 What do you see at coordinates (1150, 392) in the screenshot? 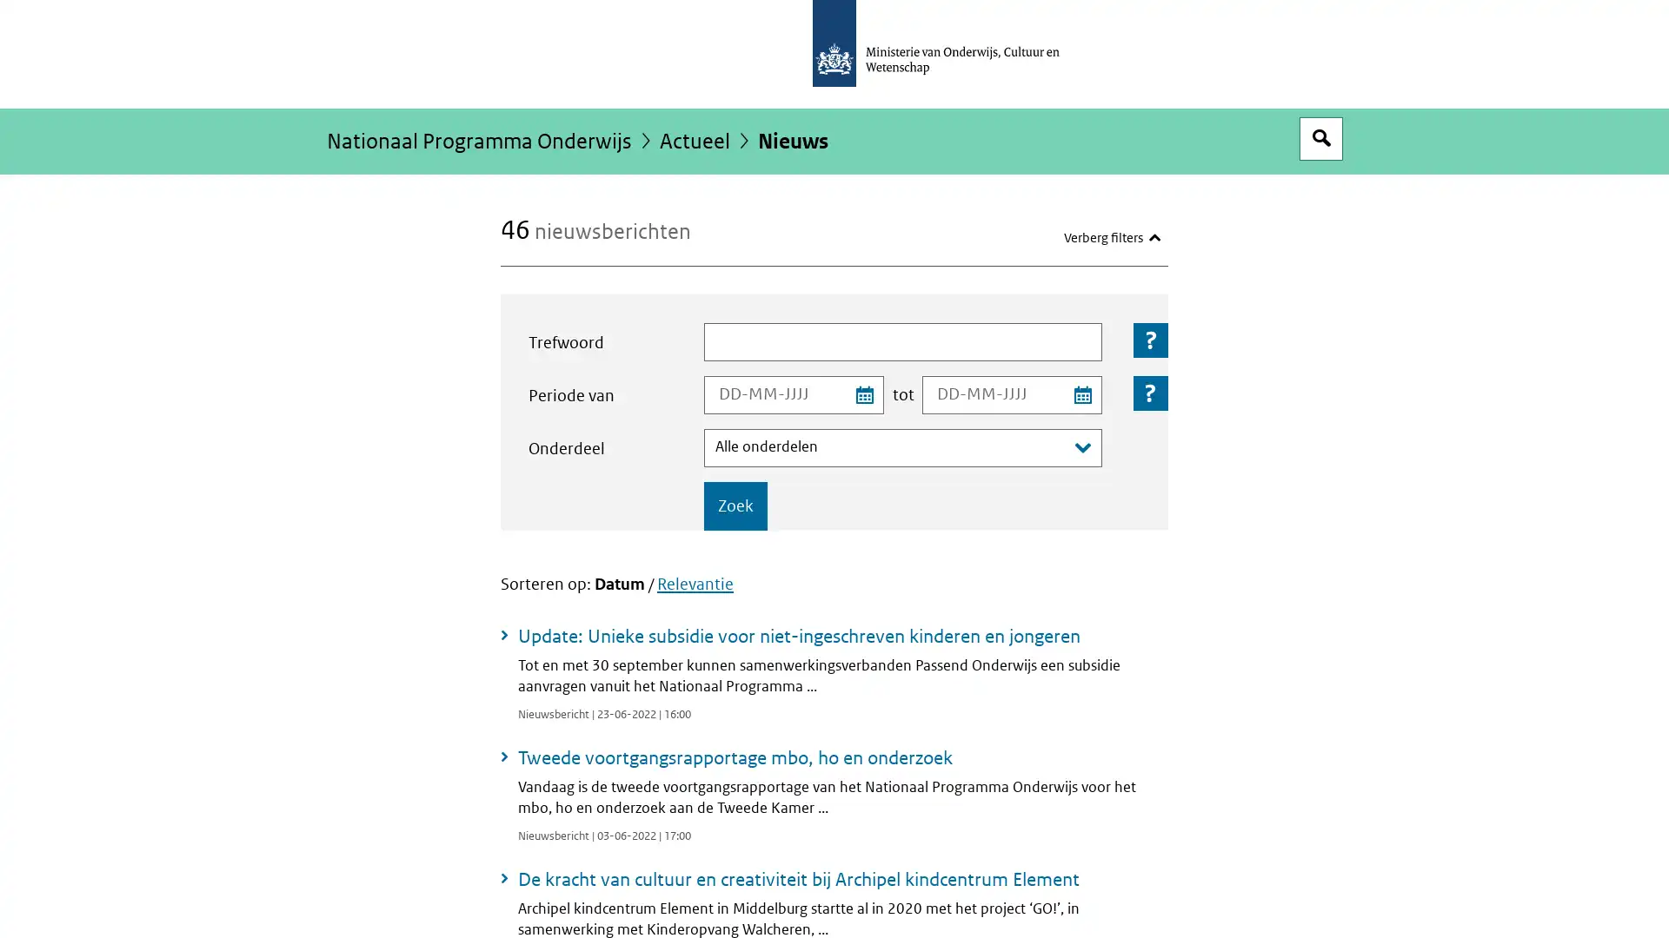
I see `Toelichting bij het veld: Periode` at bounding box center [1150, 392].